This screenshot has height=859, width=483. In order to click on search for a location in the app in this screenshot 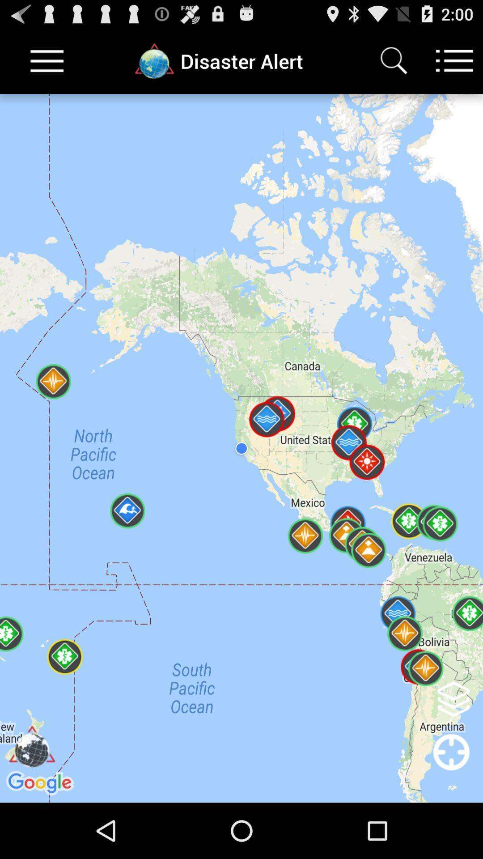, I will do `click(393, 60)`.